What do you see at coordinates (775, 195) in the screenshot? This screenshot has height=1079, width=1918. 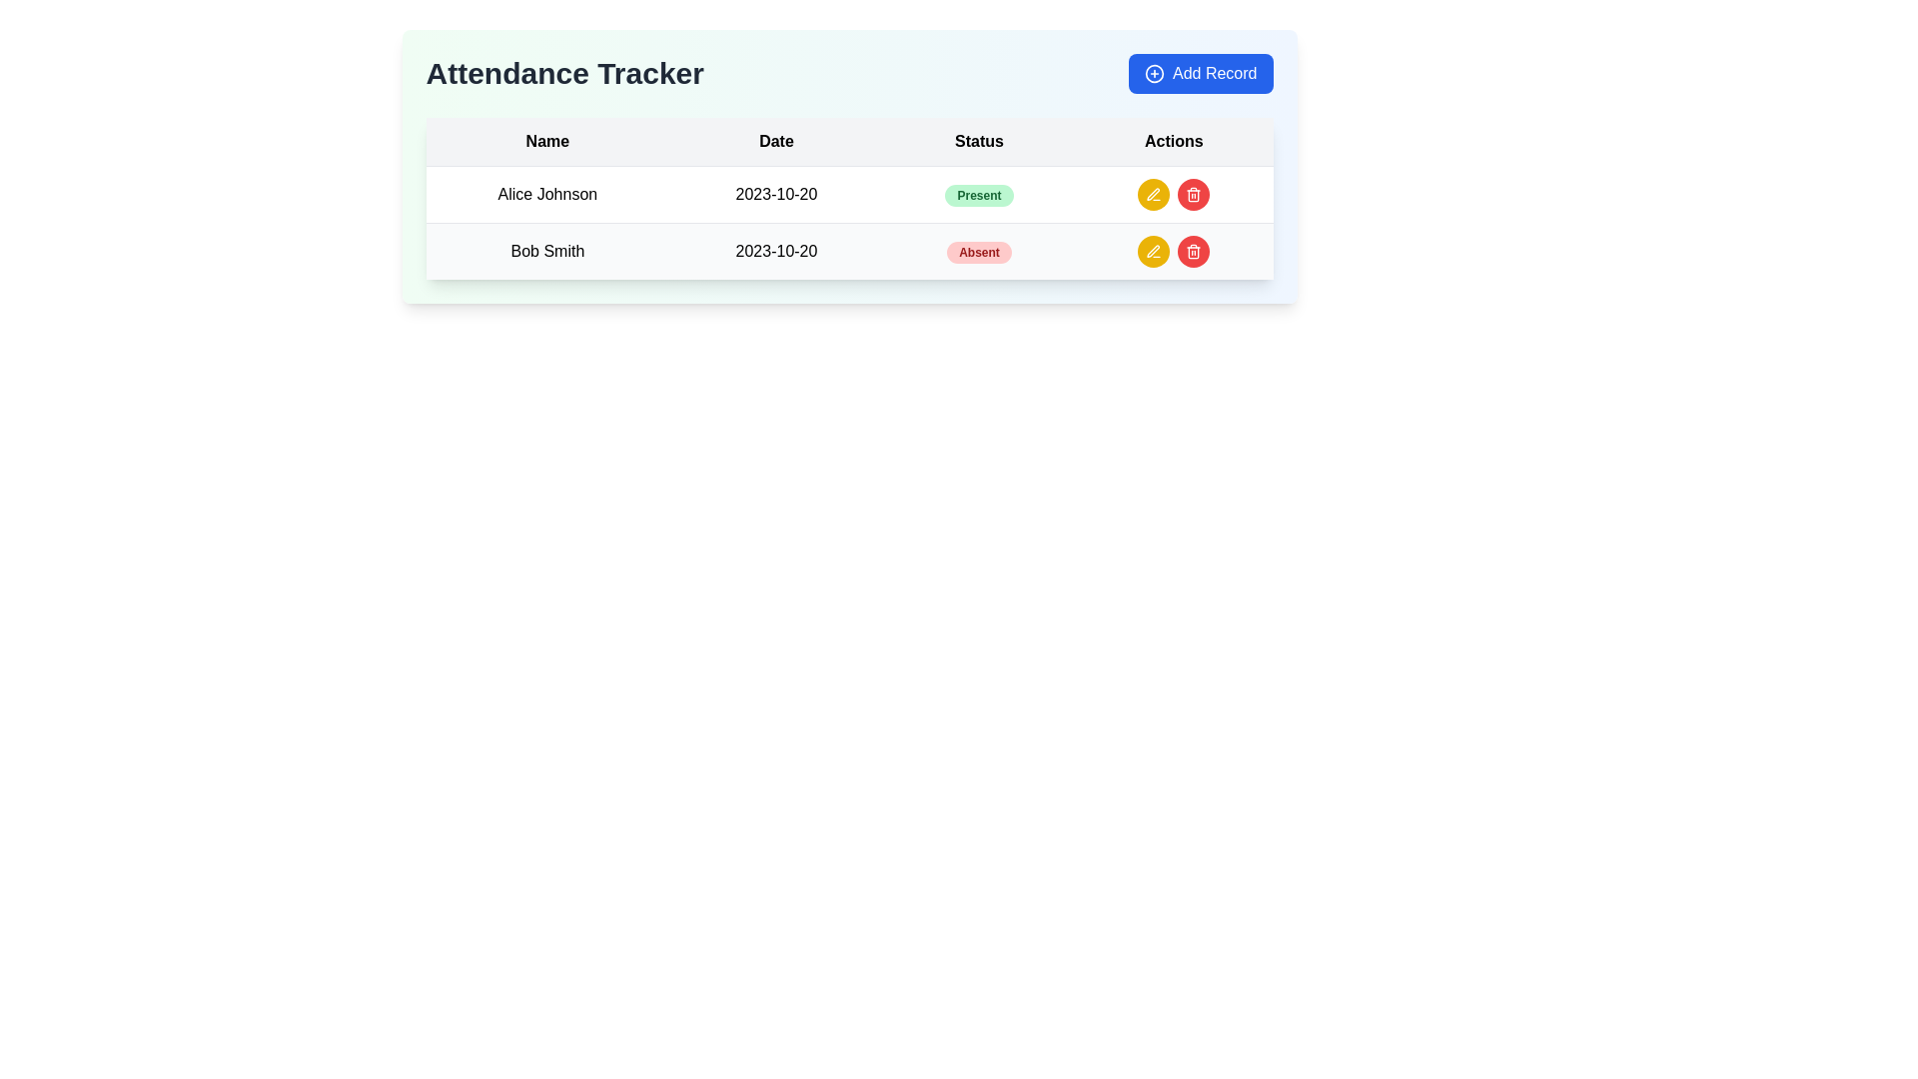 I see `the text display element showing the date '2023-10-20' in the 'Date' column of the 'Attendance Tracker' table, which is located to the right of the 'Alice Johnson' entry` at bounding box center [775, 195].